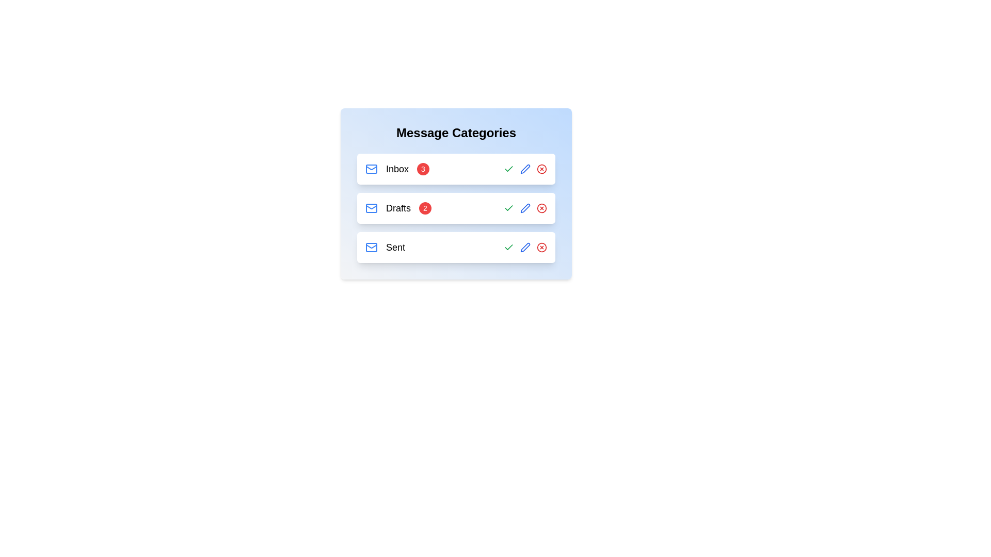 The width and height of the screenshot is (991, 557). I want to click on delete button for the category Sent, so click(541, 247).